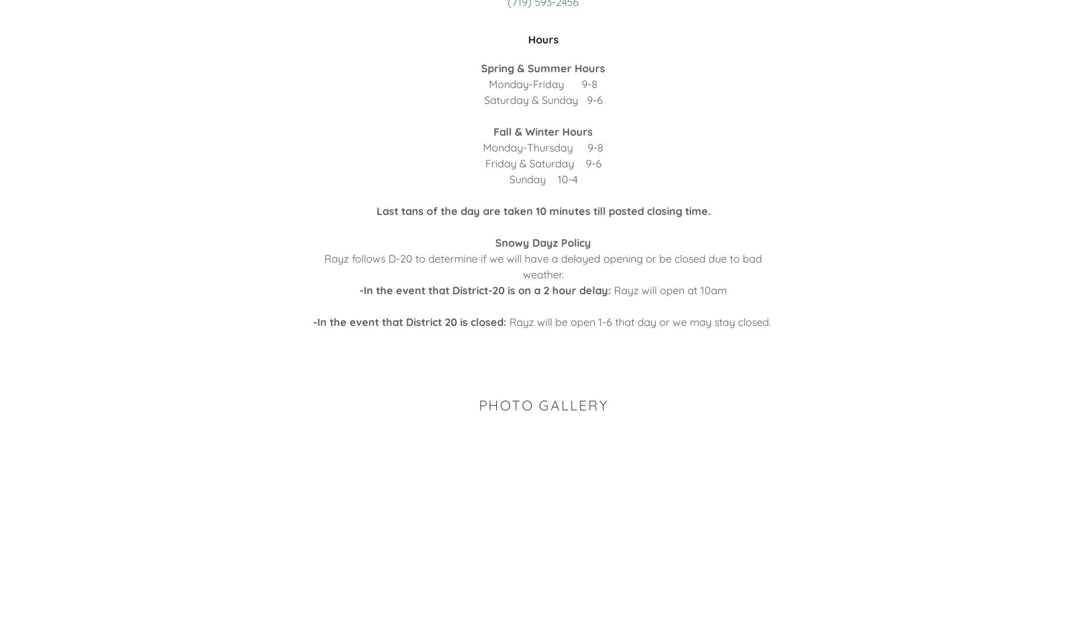 The image size is (1087, 619). Describe the element at coordinates (543, 147) in the screenshot. I see `'Monday-Thursday     9-8'` at that location.